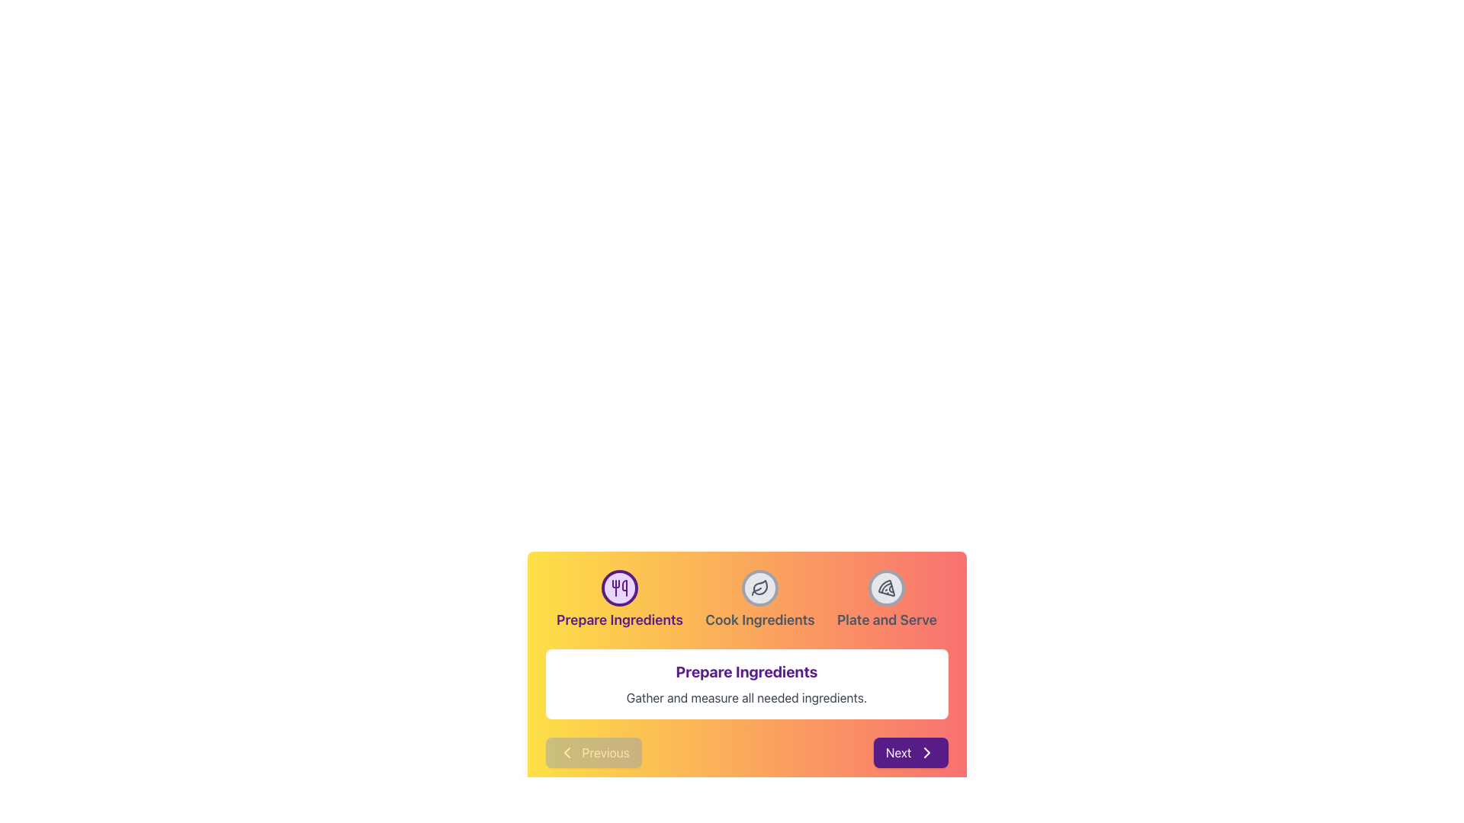 The height and width of the screenshot is (823, 1464). I want to click on the 'Next' button icon that indicates navigation to the next step, located in the bottom-right corner of the interface, so click(926, 751).